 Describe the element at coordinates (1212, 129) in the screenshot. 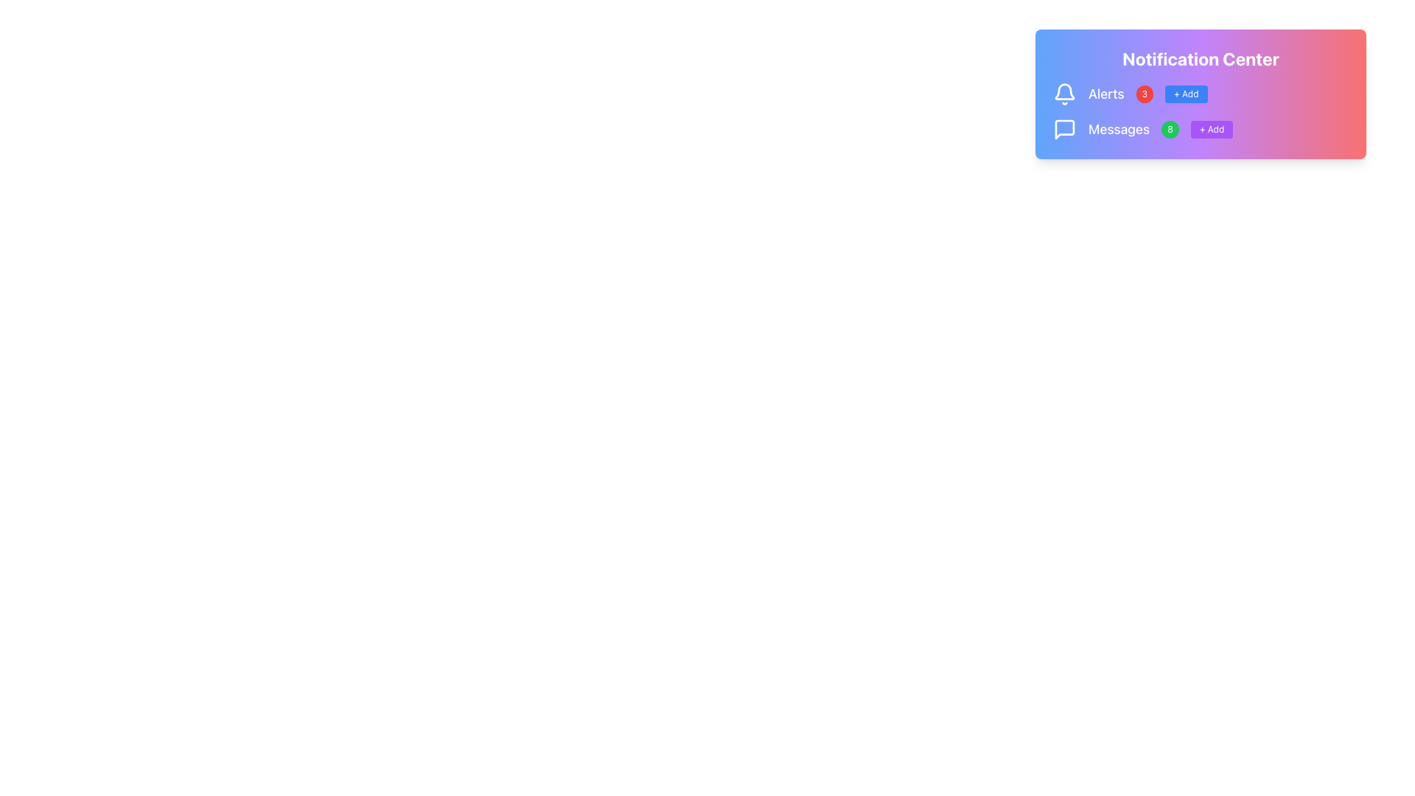

I see `the add button located in the 'Messages' section of the 'Notification Center', positioned to the right of the green badge with the number '8'` at that location.